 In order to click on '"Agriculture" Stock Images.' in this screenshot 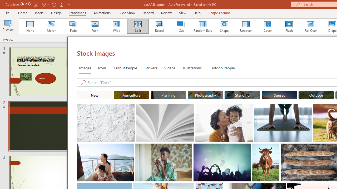, I will do `click(131, 95)`.